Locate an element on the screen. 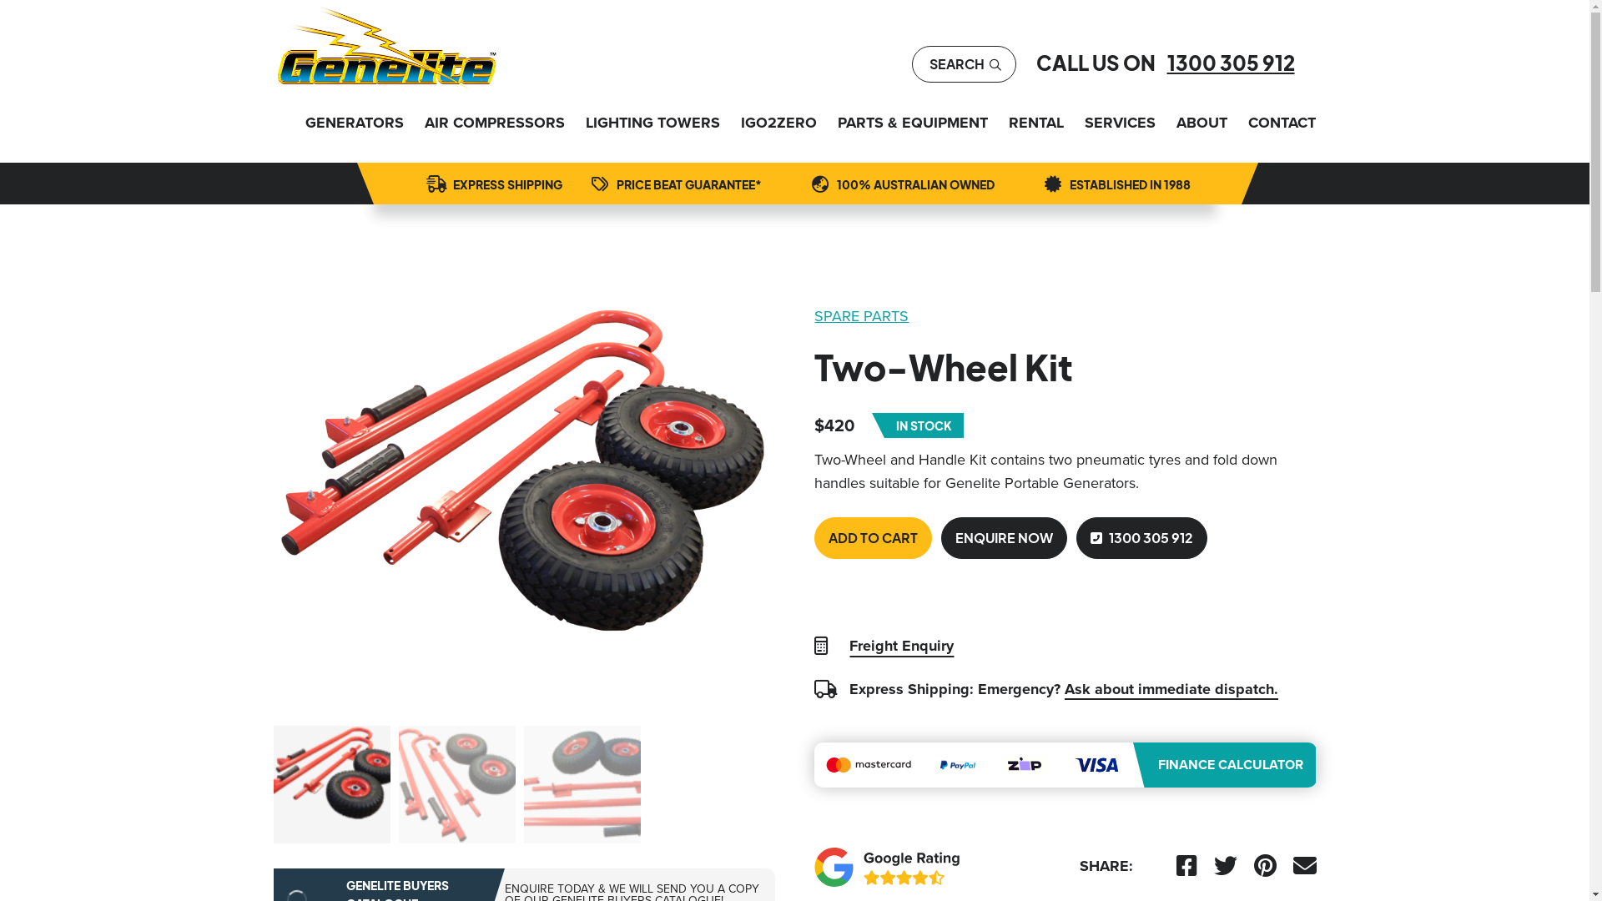 The width and height of the screenshot is (1602, 901). 'CONTACT' is located at coordinates (1281, 121).